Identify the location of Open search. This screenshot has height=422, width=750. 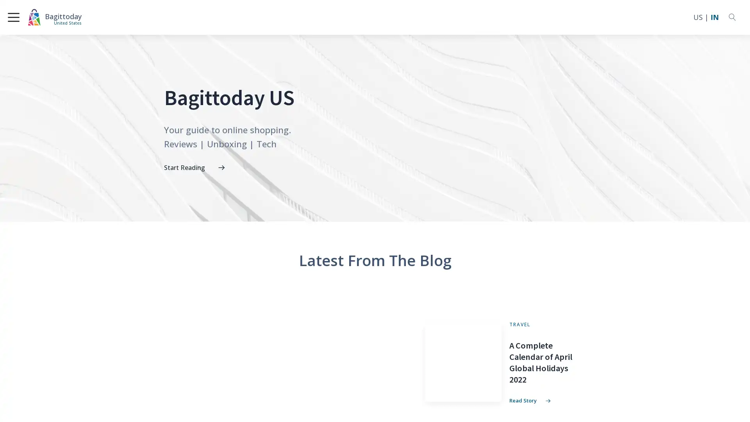
(732, 17).